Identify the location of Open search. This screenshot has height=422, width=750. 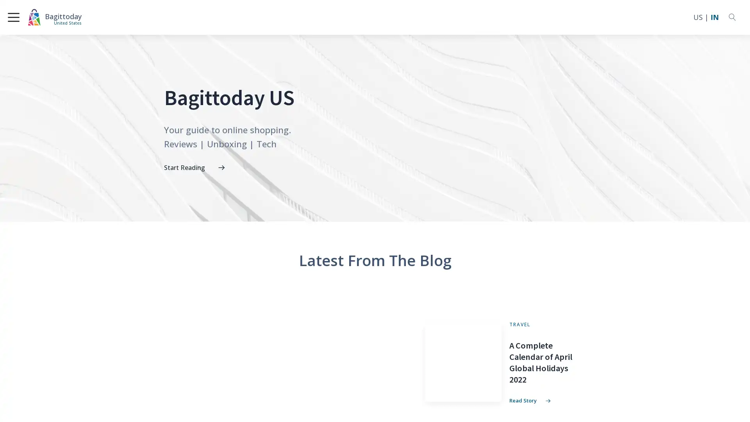
(732, 17).